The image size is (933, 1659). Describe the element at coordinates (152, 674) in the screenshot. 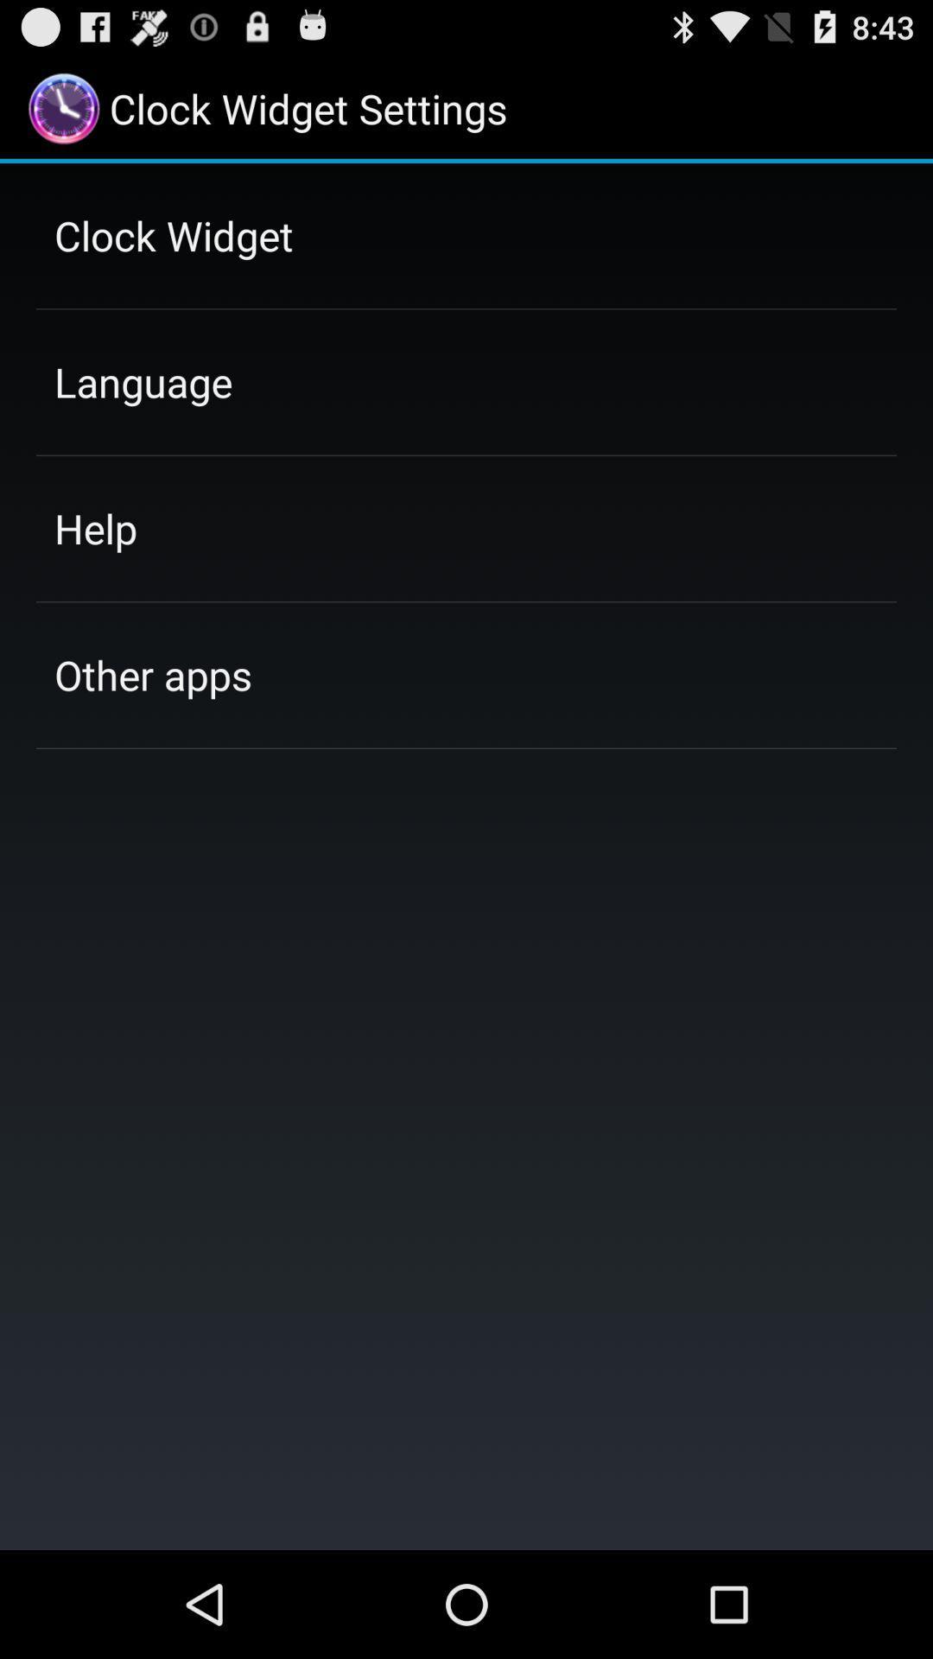

I see `the app on the left` at that location.